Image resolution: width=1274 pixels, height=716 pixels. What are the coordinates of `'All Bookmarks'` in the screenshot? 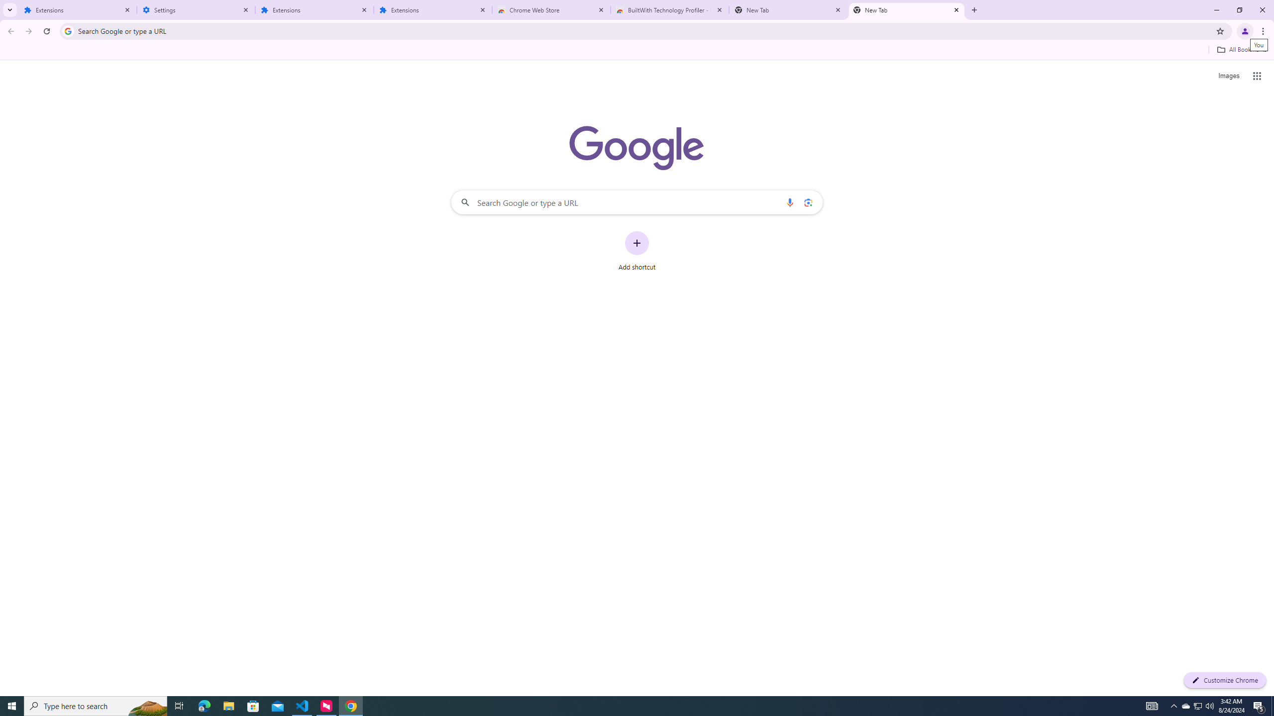 It's located at (1241, 49).